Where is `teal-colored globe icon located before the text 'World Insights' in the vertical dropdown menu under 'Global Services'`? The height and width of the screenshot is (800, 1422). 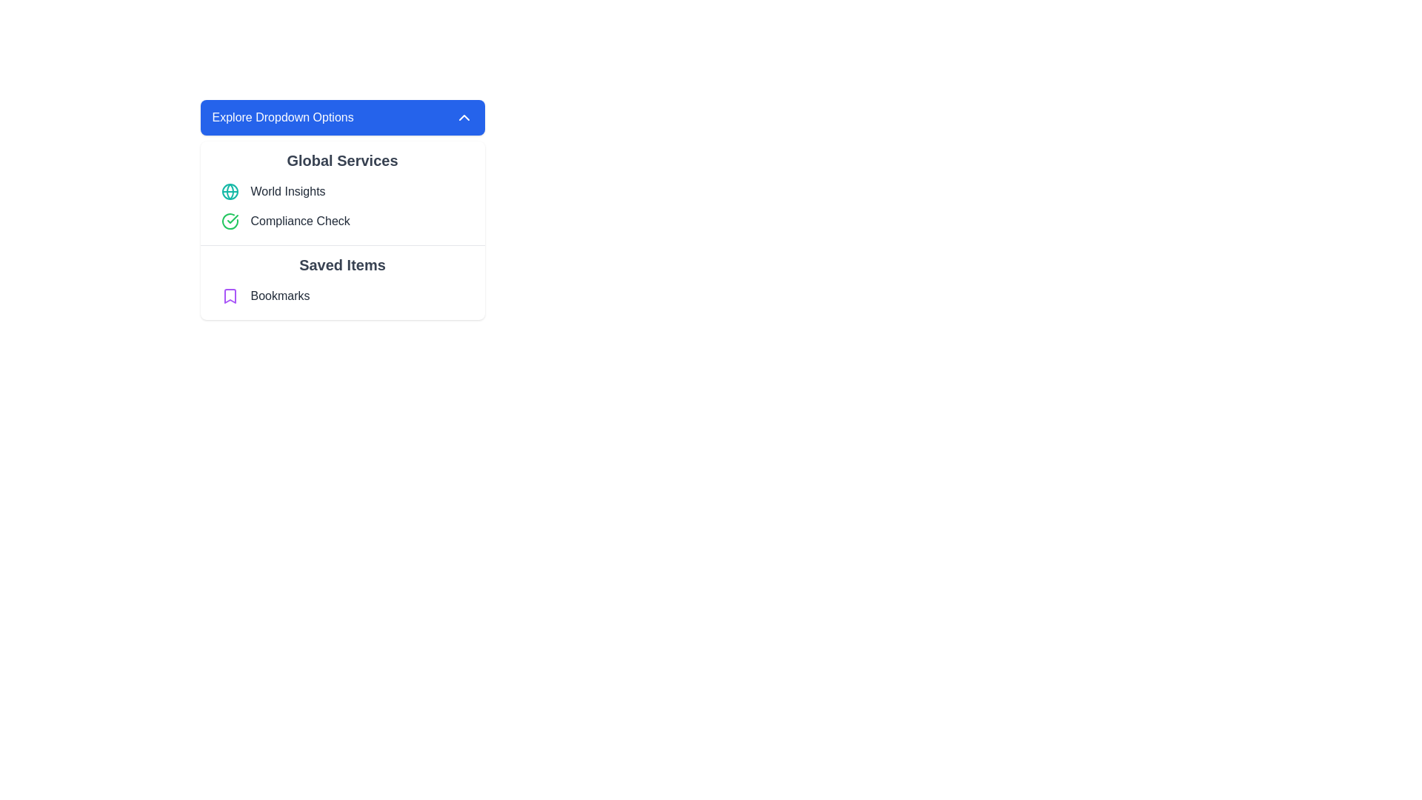 teal-colored globe icon located before the text 'World Insights' in the vertical dropdown menu under 'Global Services' is located at coordinates (229, 190).